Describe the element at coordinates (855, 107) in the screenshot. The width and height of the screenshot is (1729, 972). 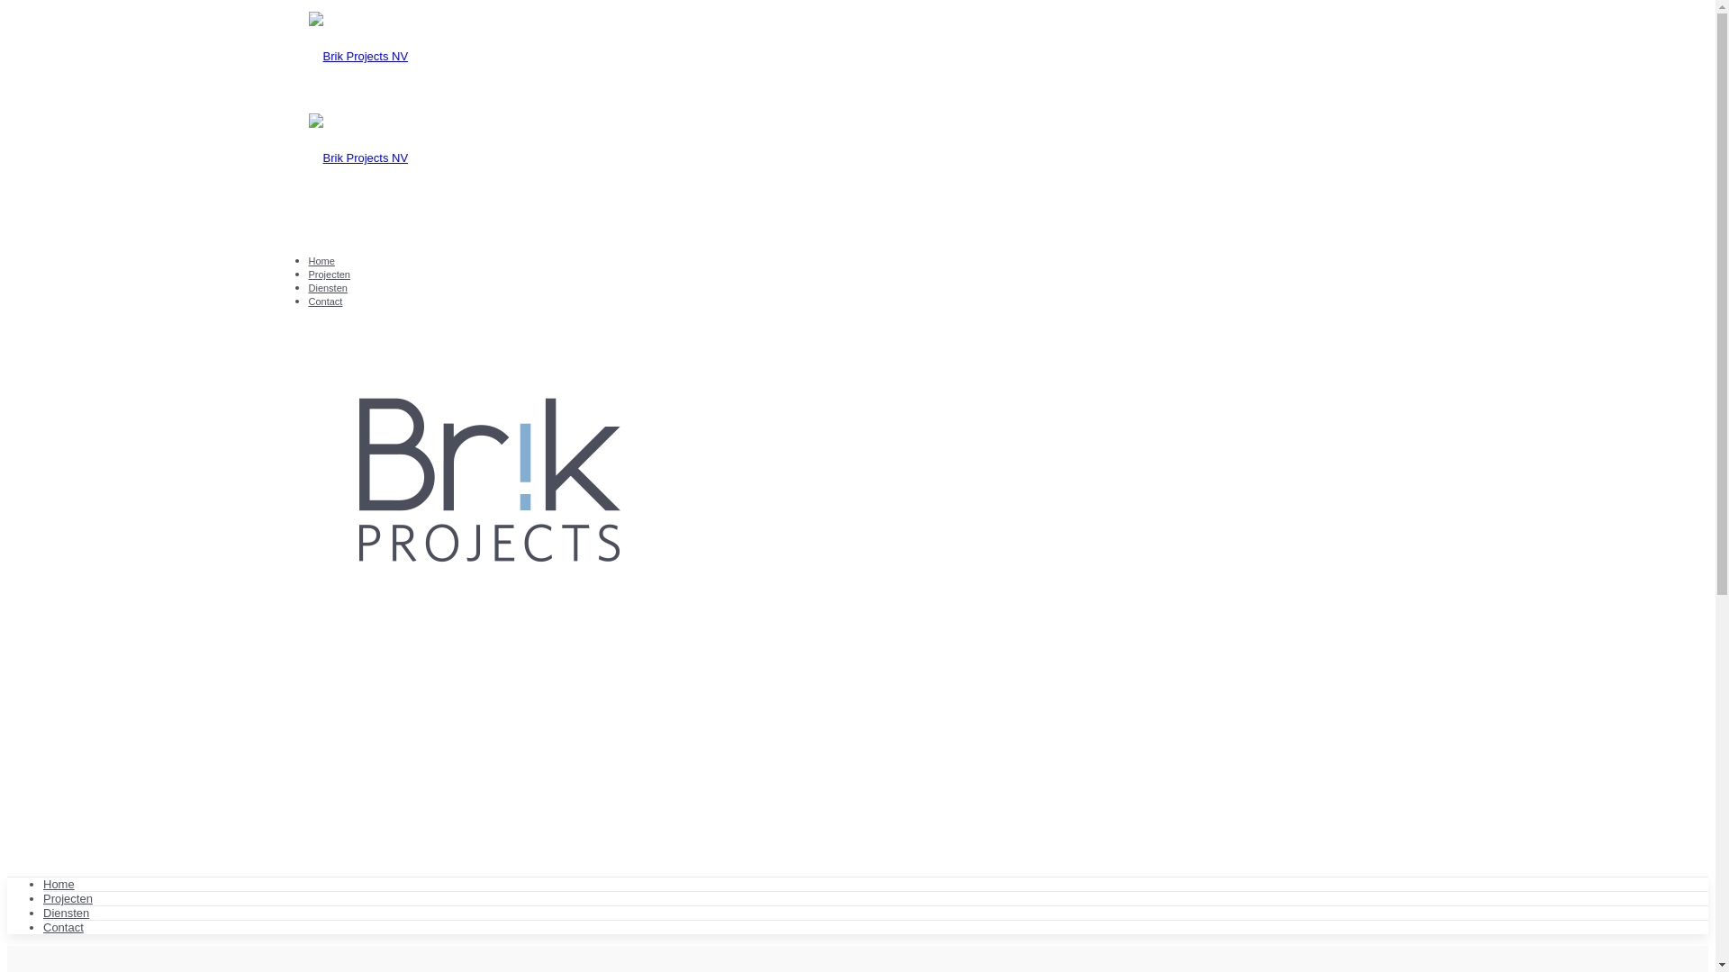
I see `'Brik Projects NV` at that location.